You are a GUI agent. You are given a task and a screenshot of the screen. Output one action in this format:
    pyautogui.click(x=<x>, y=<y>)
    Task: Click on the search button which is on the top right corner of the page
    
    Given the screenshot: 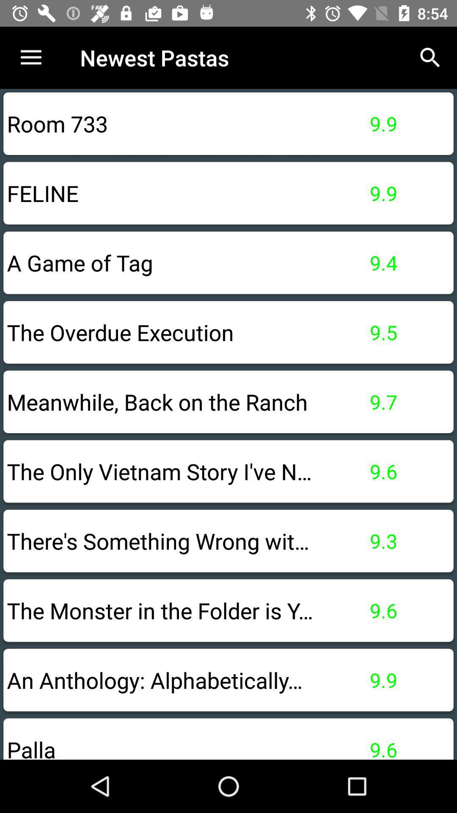 What is the action you would take?
    pyautogui.click(x=430, y=58)
    